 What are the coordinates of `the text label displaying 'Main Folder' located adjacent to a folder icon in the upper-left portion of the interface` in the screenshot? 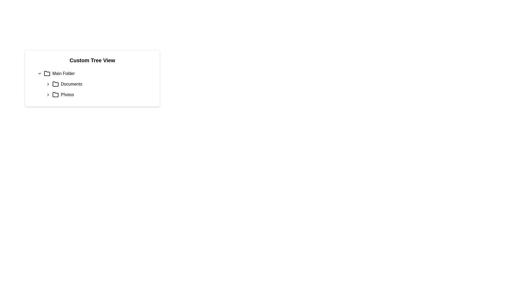 It's located at (63, 73).